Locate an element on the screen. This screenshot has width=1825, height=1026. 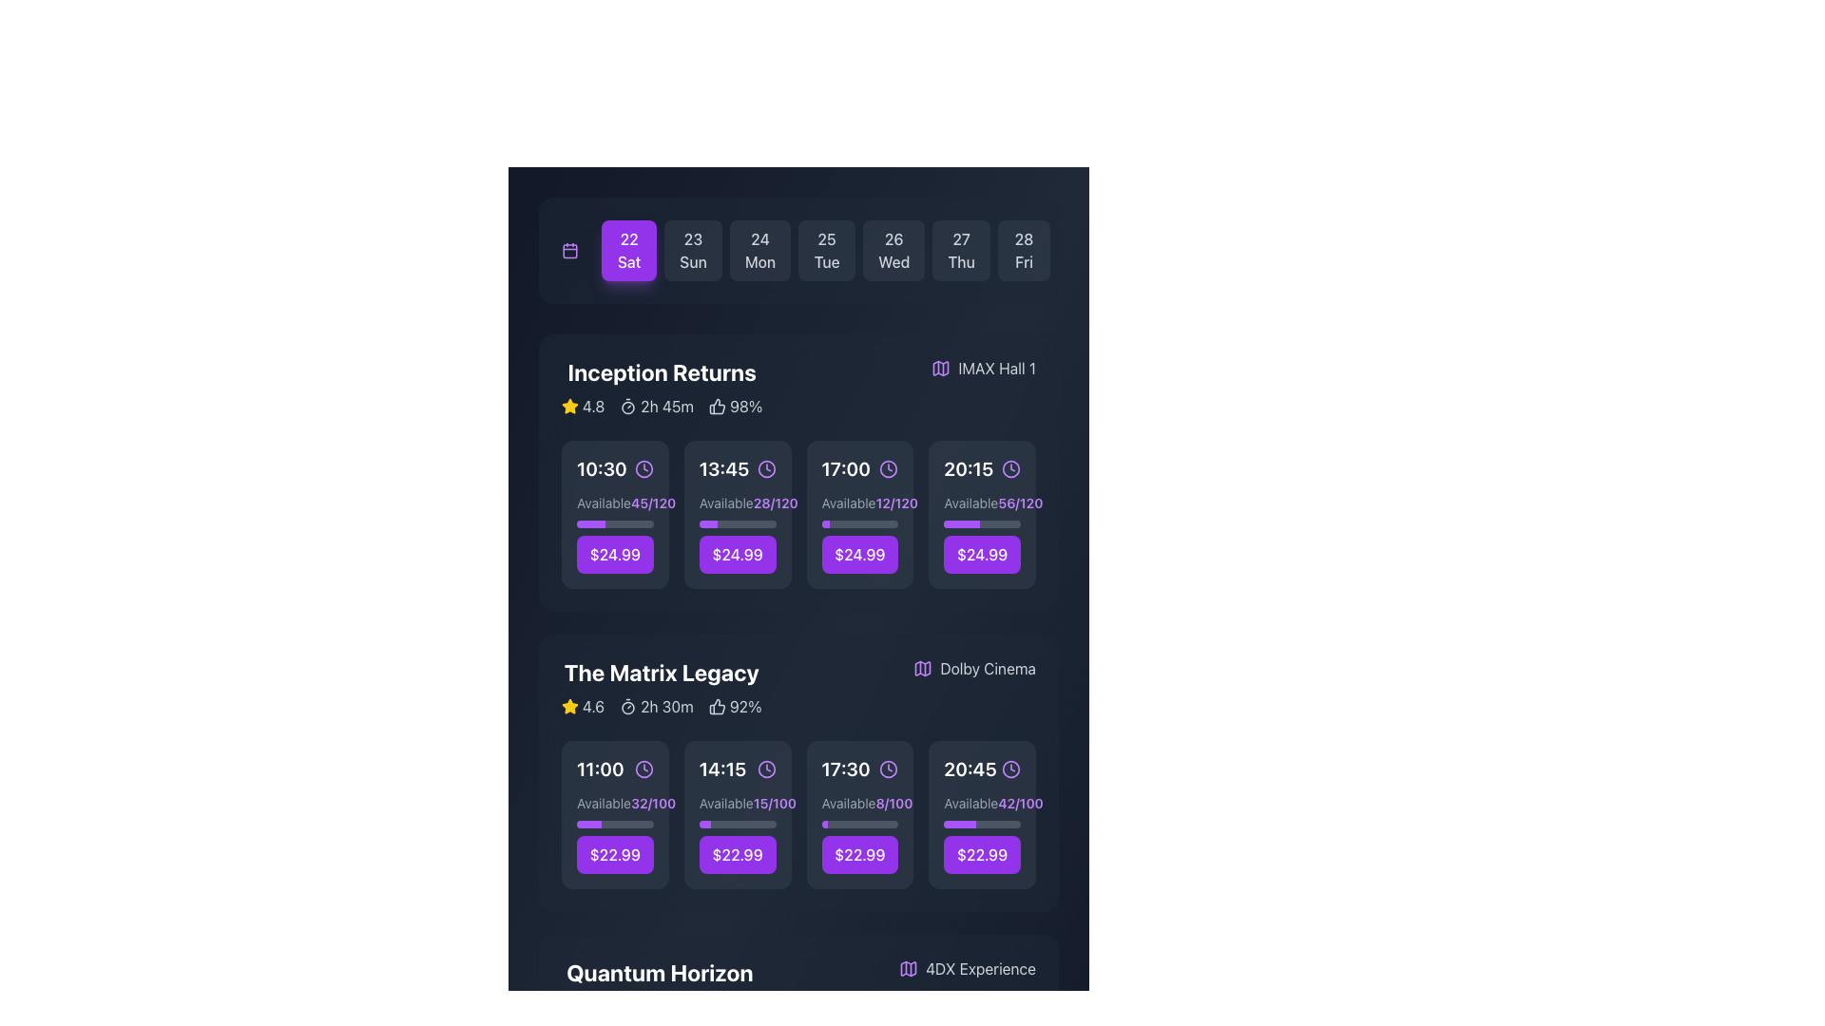
the button in the middle of the card-like structure that initiates seat selection for a movie session is located at coordinates (737, 515).